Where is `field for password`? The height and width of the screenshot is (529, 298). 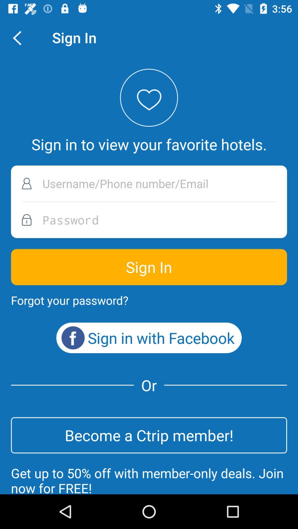
field for password is located at coordinates (149, 220).